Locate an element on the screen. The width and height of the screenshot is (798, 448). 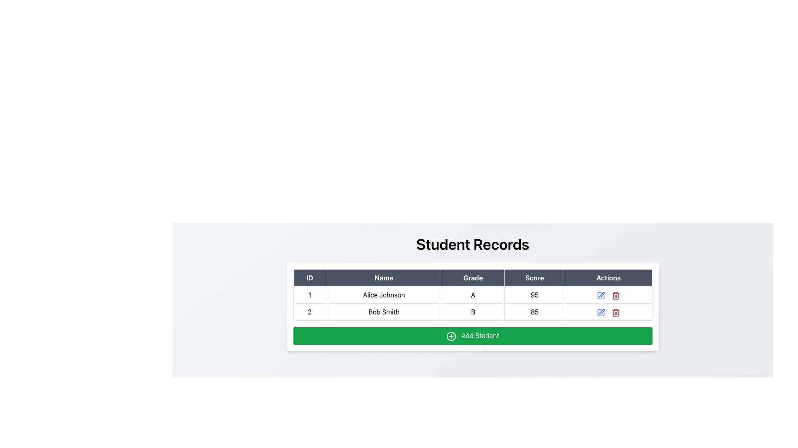
the red trash can icon button in the 'Actions' column of the tabular grid is located at coordinates (616, 312).